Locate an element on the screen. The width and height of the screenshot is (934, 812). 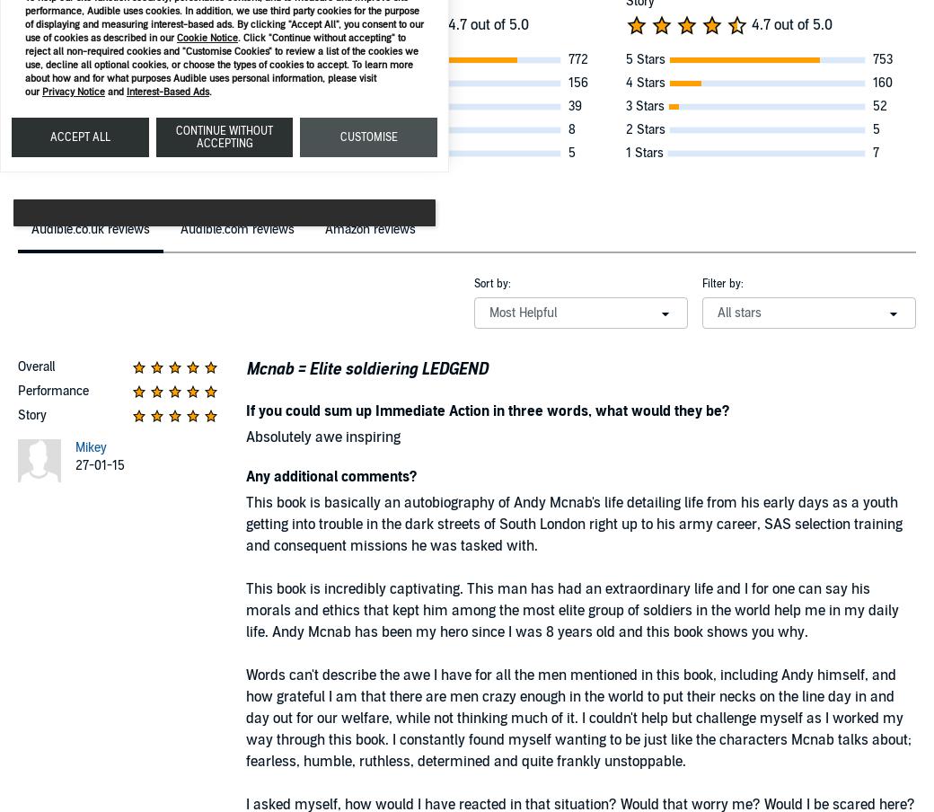
'42' is located at coordinates (270, 105).